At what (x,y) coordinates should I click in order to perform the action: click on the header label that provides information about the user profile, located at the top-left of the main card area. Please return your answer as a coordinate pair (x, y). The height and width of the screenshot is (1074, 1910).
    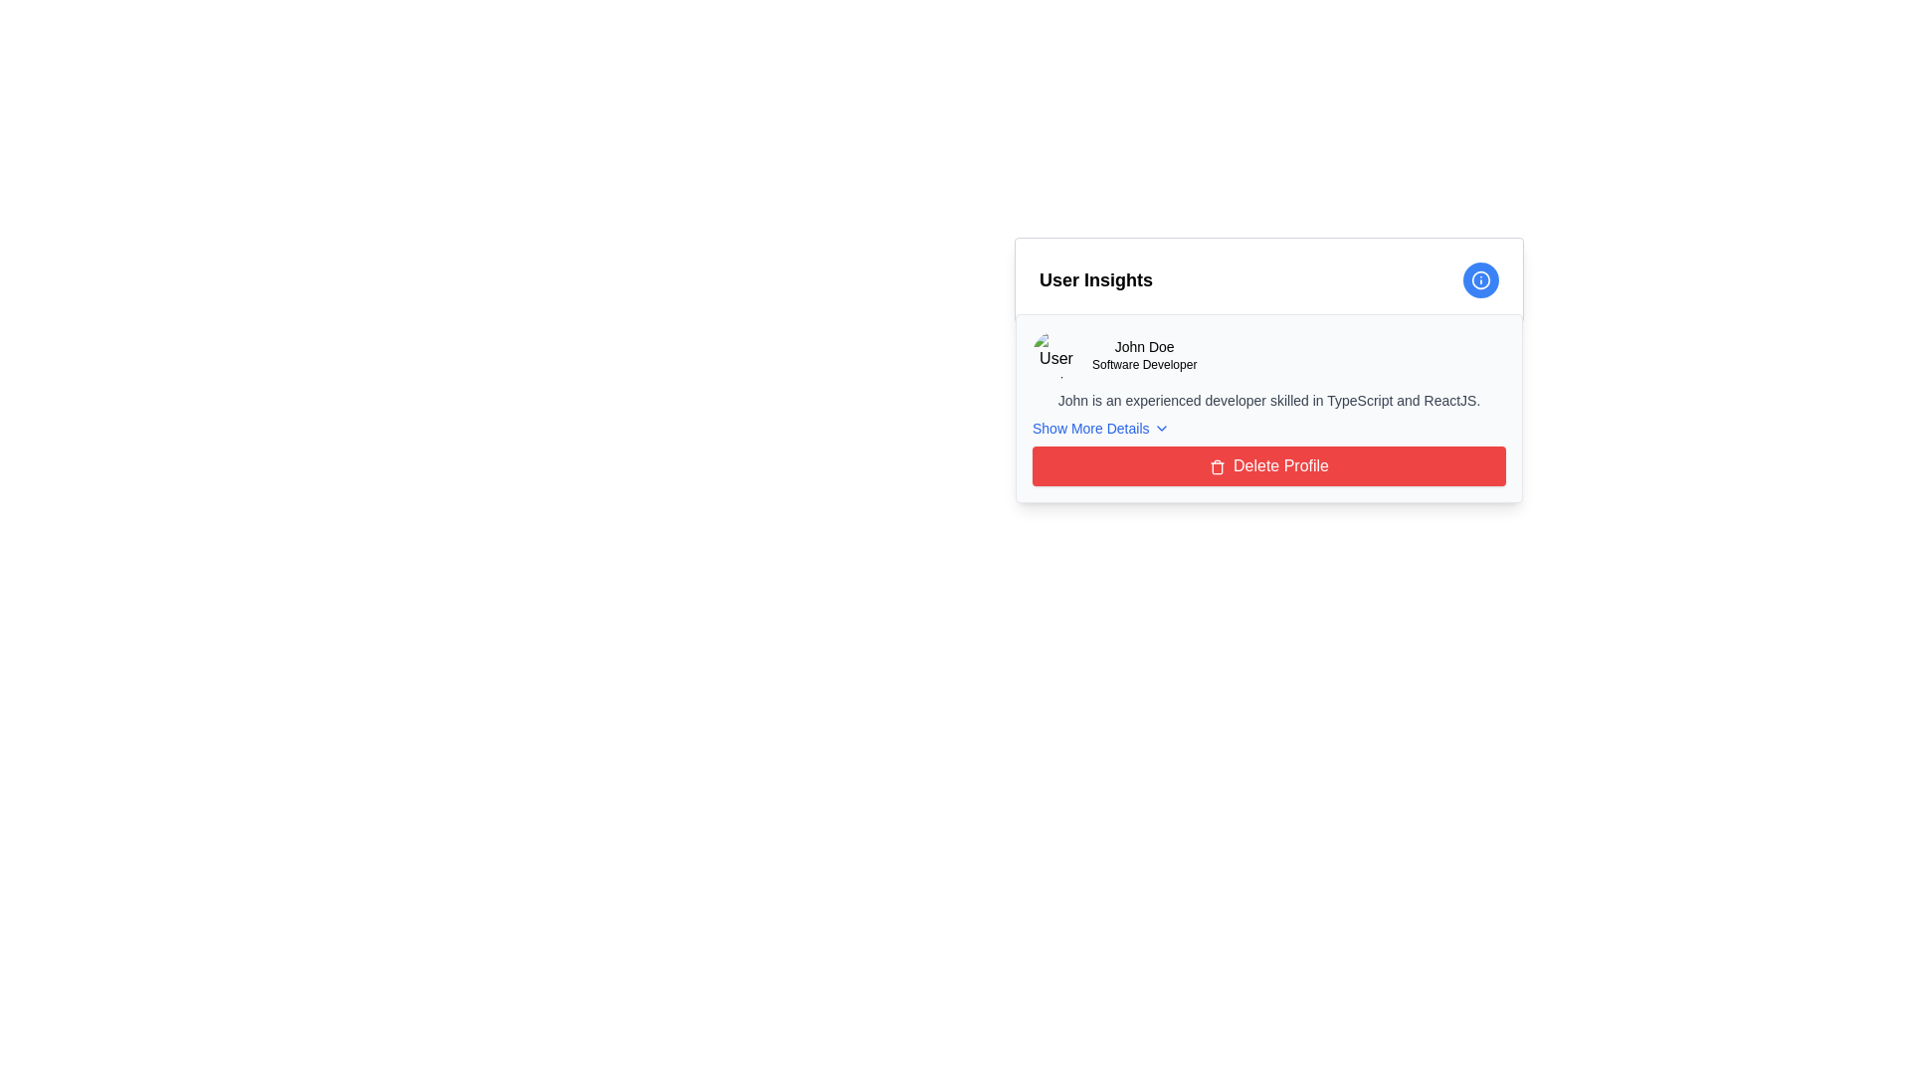
    Looking at the image, I should click on (1095, 279).